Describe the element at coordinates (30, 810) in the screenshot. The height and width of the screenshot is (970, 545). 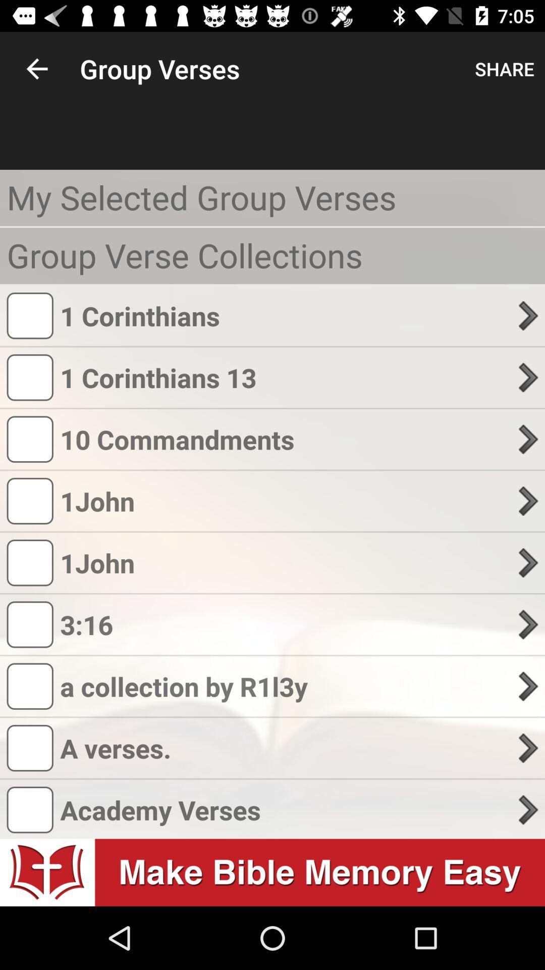
I see `the box which is just before the text academy verses` at that location.